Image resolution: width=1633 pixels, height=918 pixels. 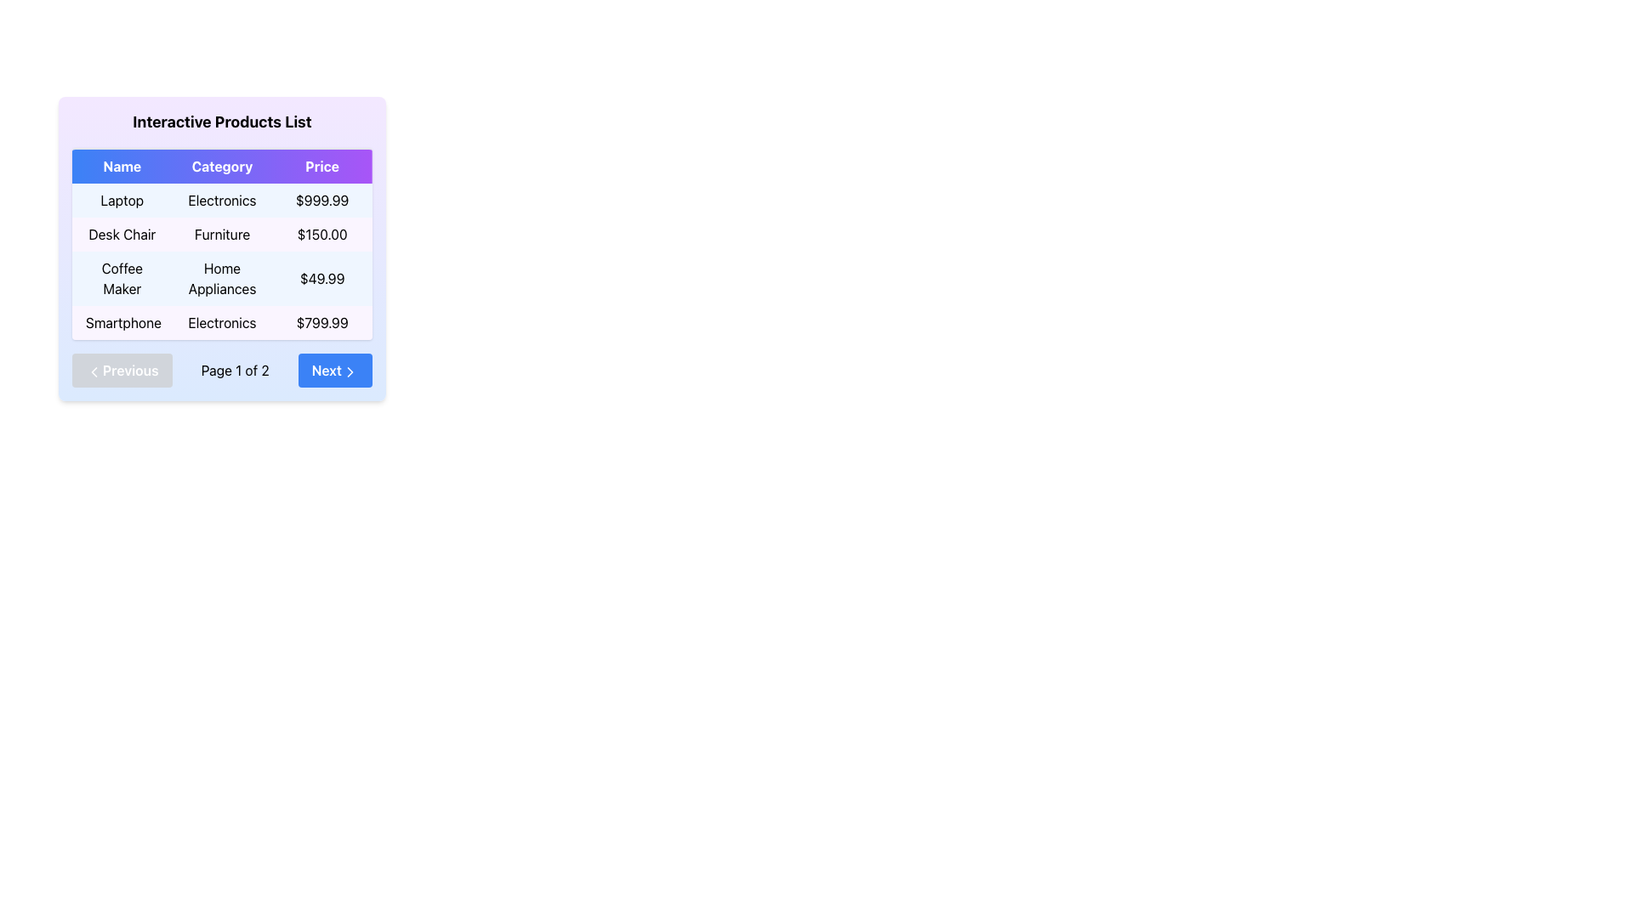 I want to click on the first row of the 'Interactive Products List' table containing 'Laptop', 'Electronics', and '$999.99', so click(x=221, y=199).